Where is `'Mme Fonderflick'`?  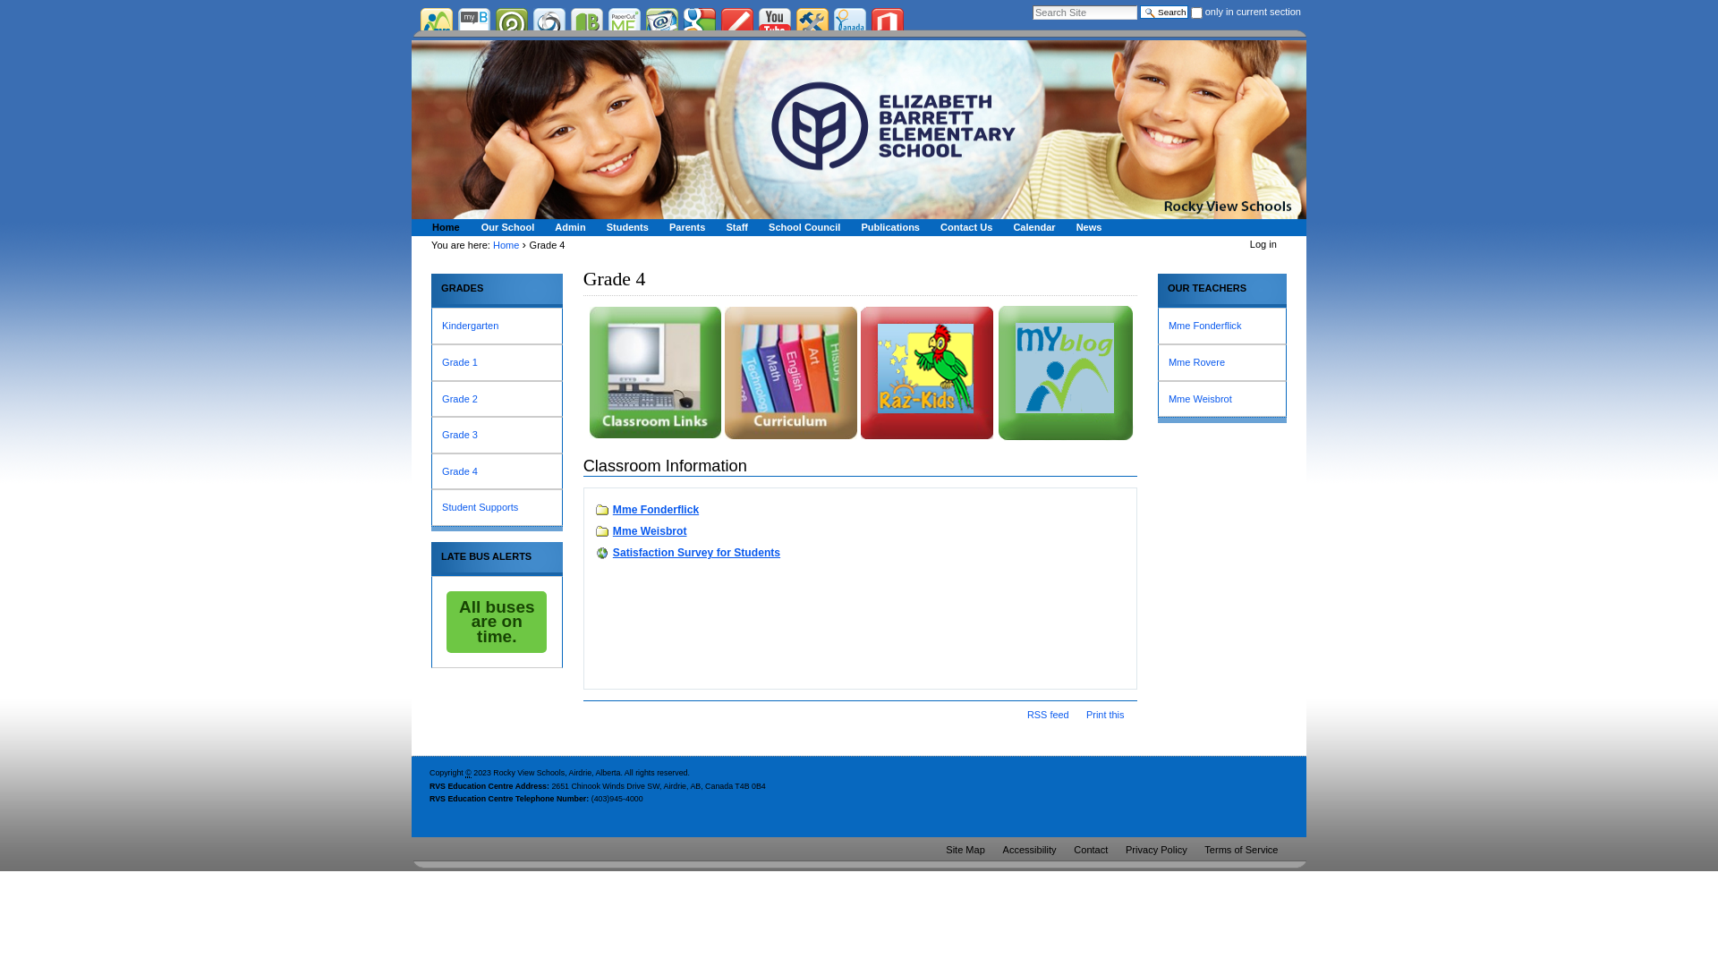 'Mme Fonderflick' is located at coordinates (646, 510).